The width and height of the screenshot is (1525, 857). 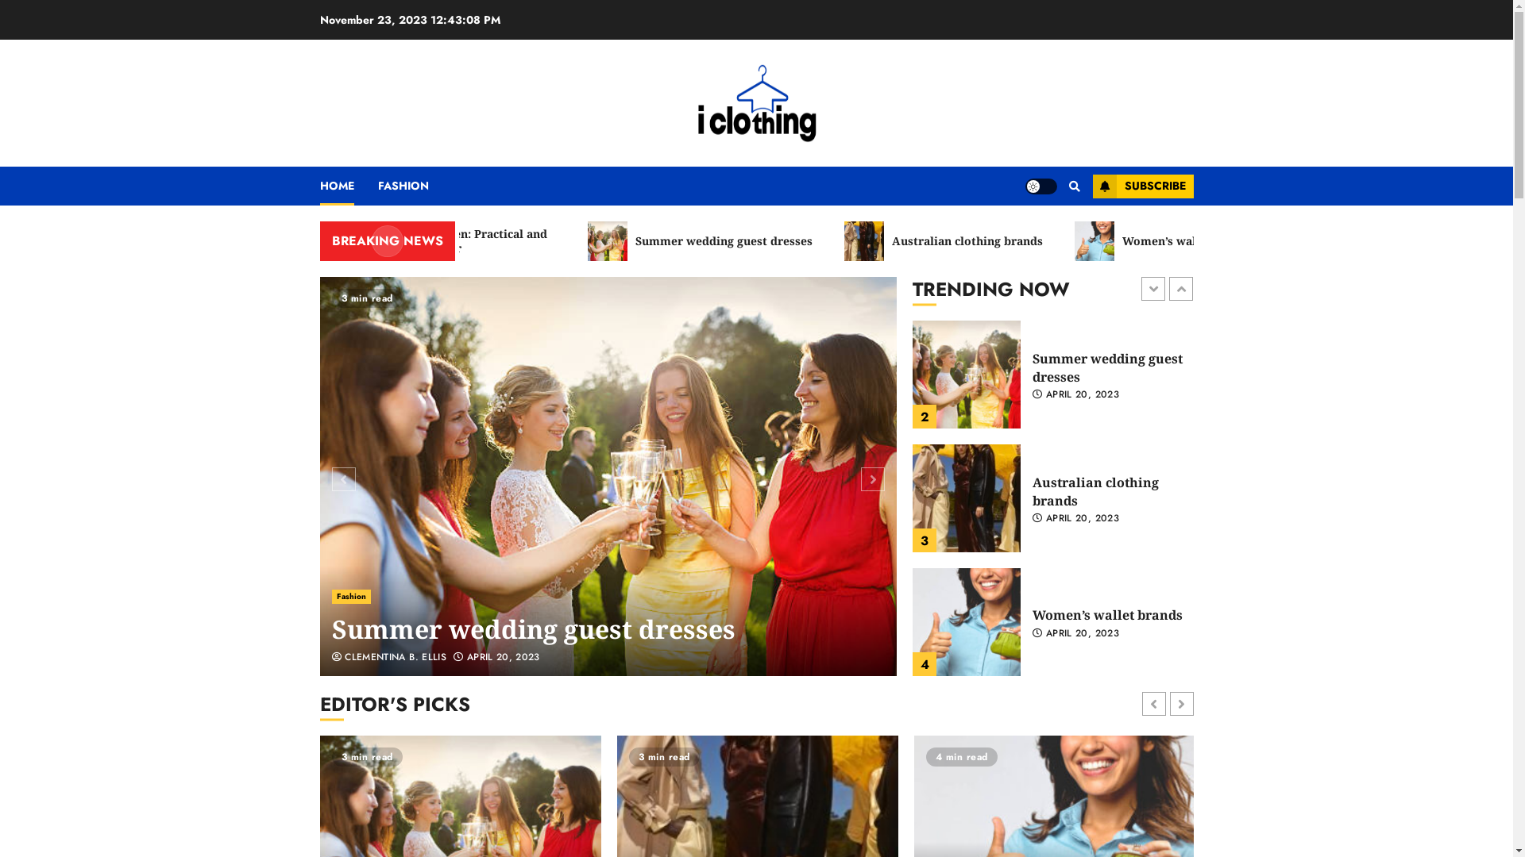 What do you see at coordinates (1064, 186) in the screenshot?
I see `'Search'` at bounding box center [1064, 186].